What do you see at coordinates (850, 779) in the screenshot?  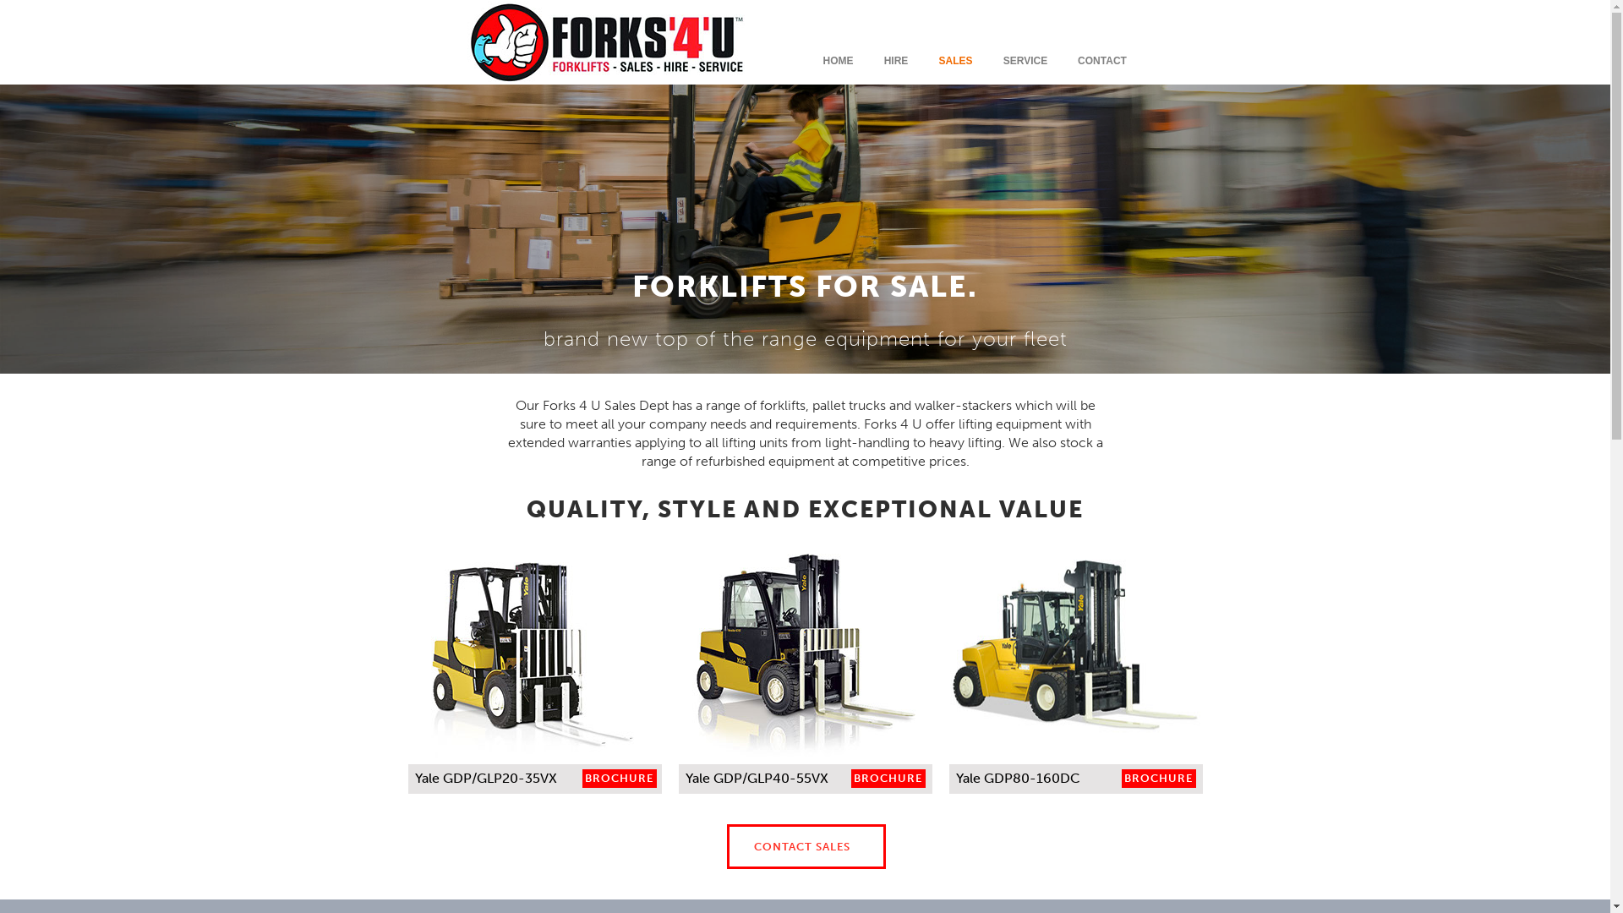 I see `'BROCHURE'` at bounding box center [850, 779].